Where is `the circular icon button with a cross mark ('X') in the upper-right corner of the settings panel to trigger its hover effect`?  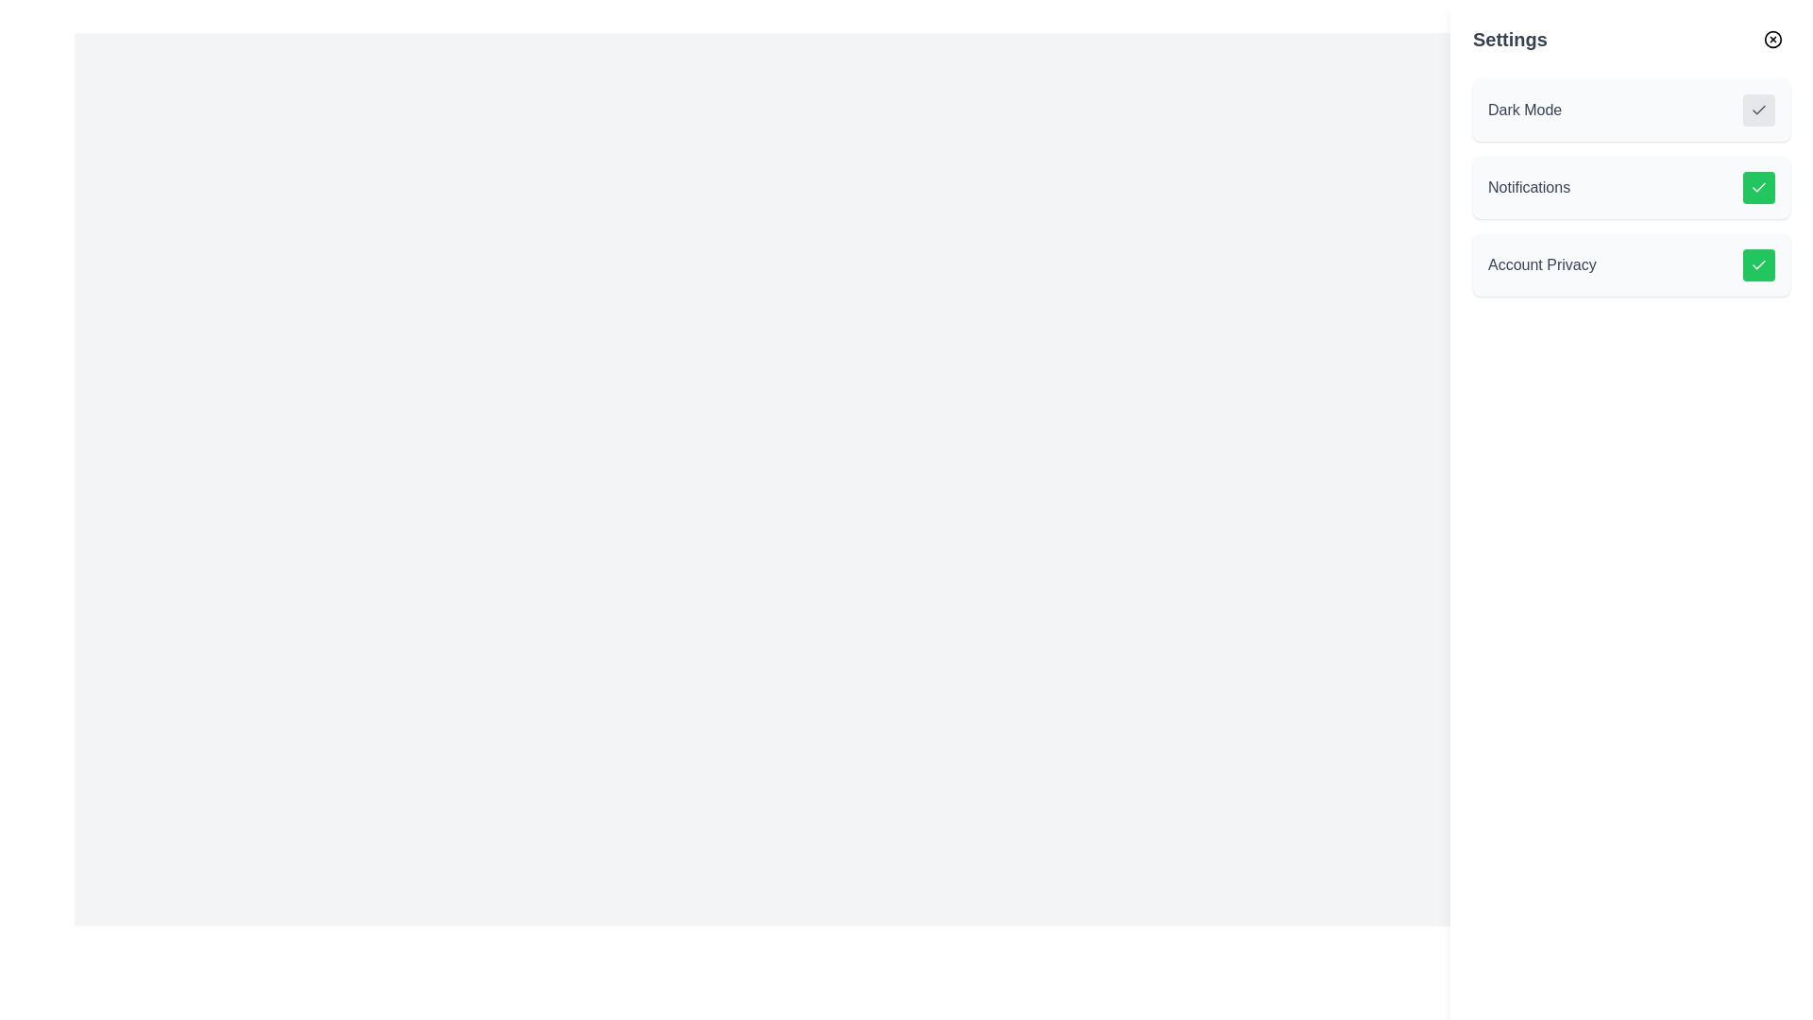 the circular icon button with a cross mark ('X') in the upper-right corner of the settings panel to trigger its hover effect is located at coordinates (1771, 40).